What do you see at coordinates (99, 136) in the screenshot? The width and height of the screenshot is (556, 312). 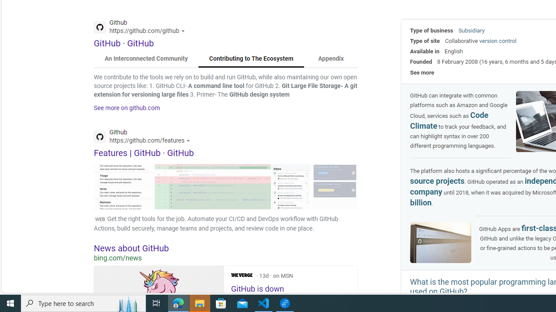 I see `'Global web icon'` at bounding box center [99, 136].